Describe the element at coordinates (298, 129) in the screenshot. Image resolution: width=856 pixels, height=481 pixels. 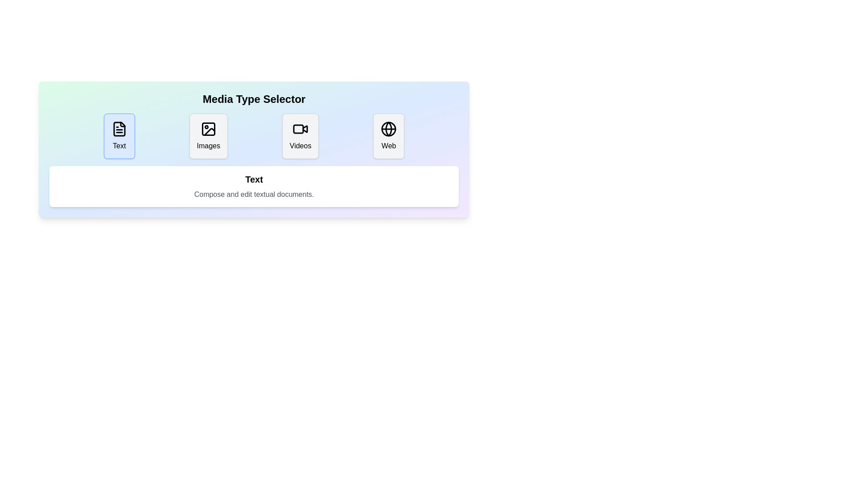
I see `the button containing the rounded rectangle with a white fill located within the 'Videos' icon, which is the second from the right in the media type selector` at that location.